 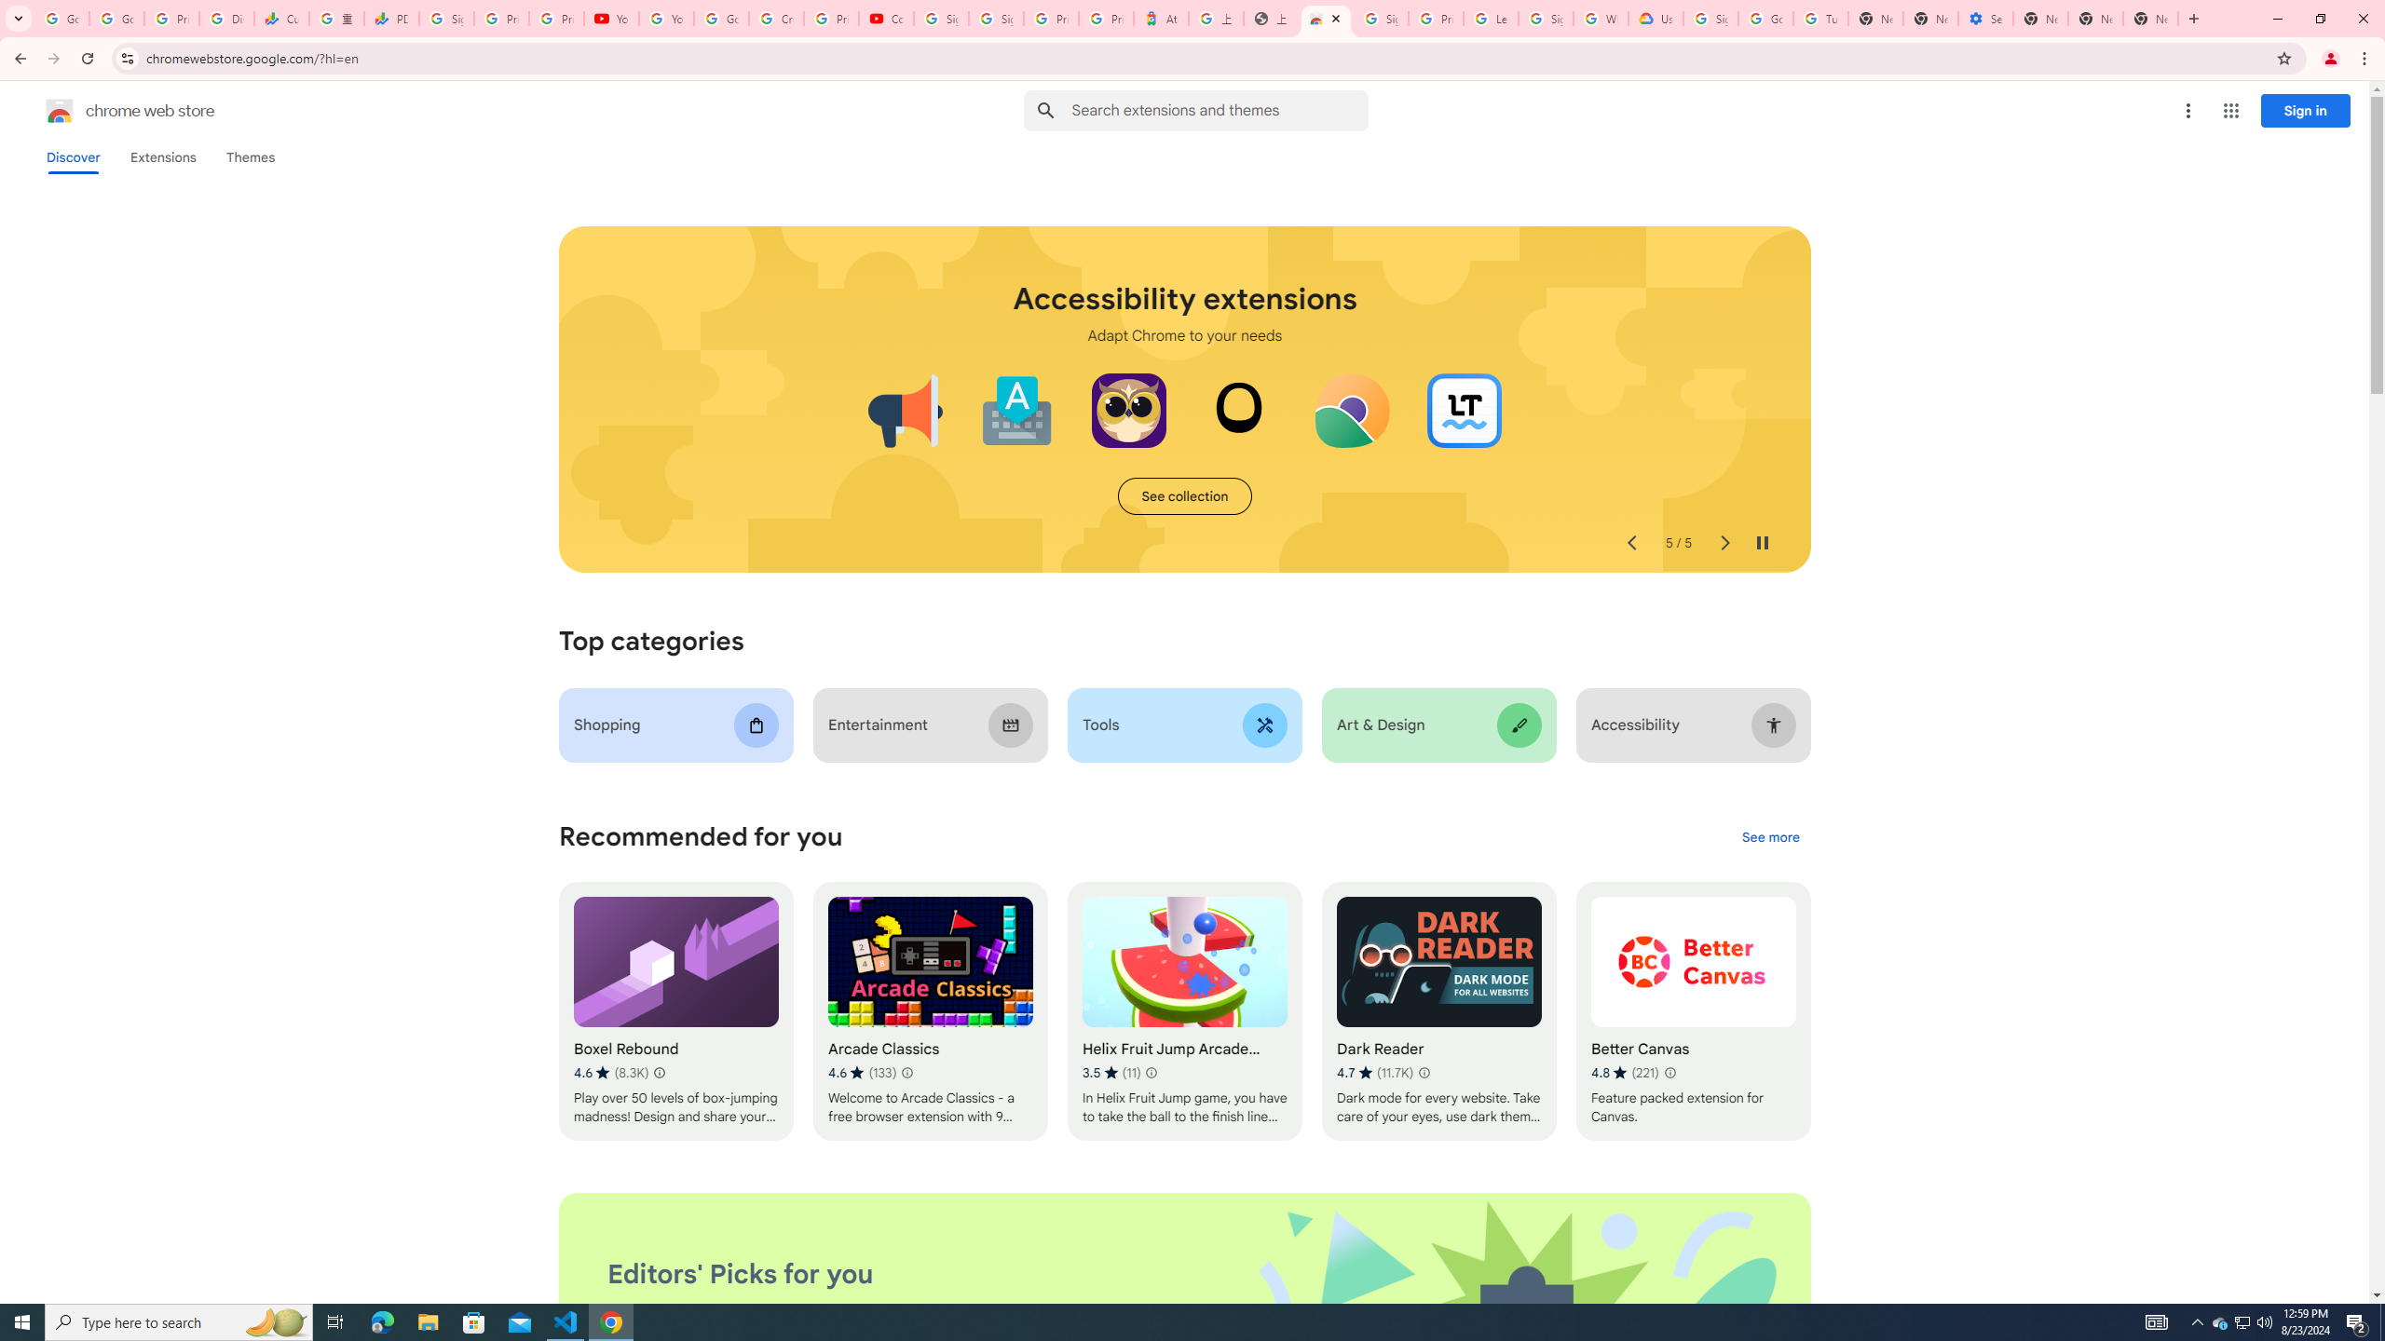 What do you see at coordinates (61, 18) in the screenshot?
I see `'Google Workspace Admin Community'` at bounding box center [61, 18].